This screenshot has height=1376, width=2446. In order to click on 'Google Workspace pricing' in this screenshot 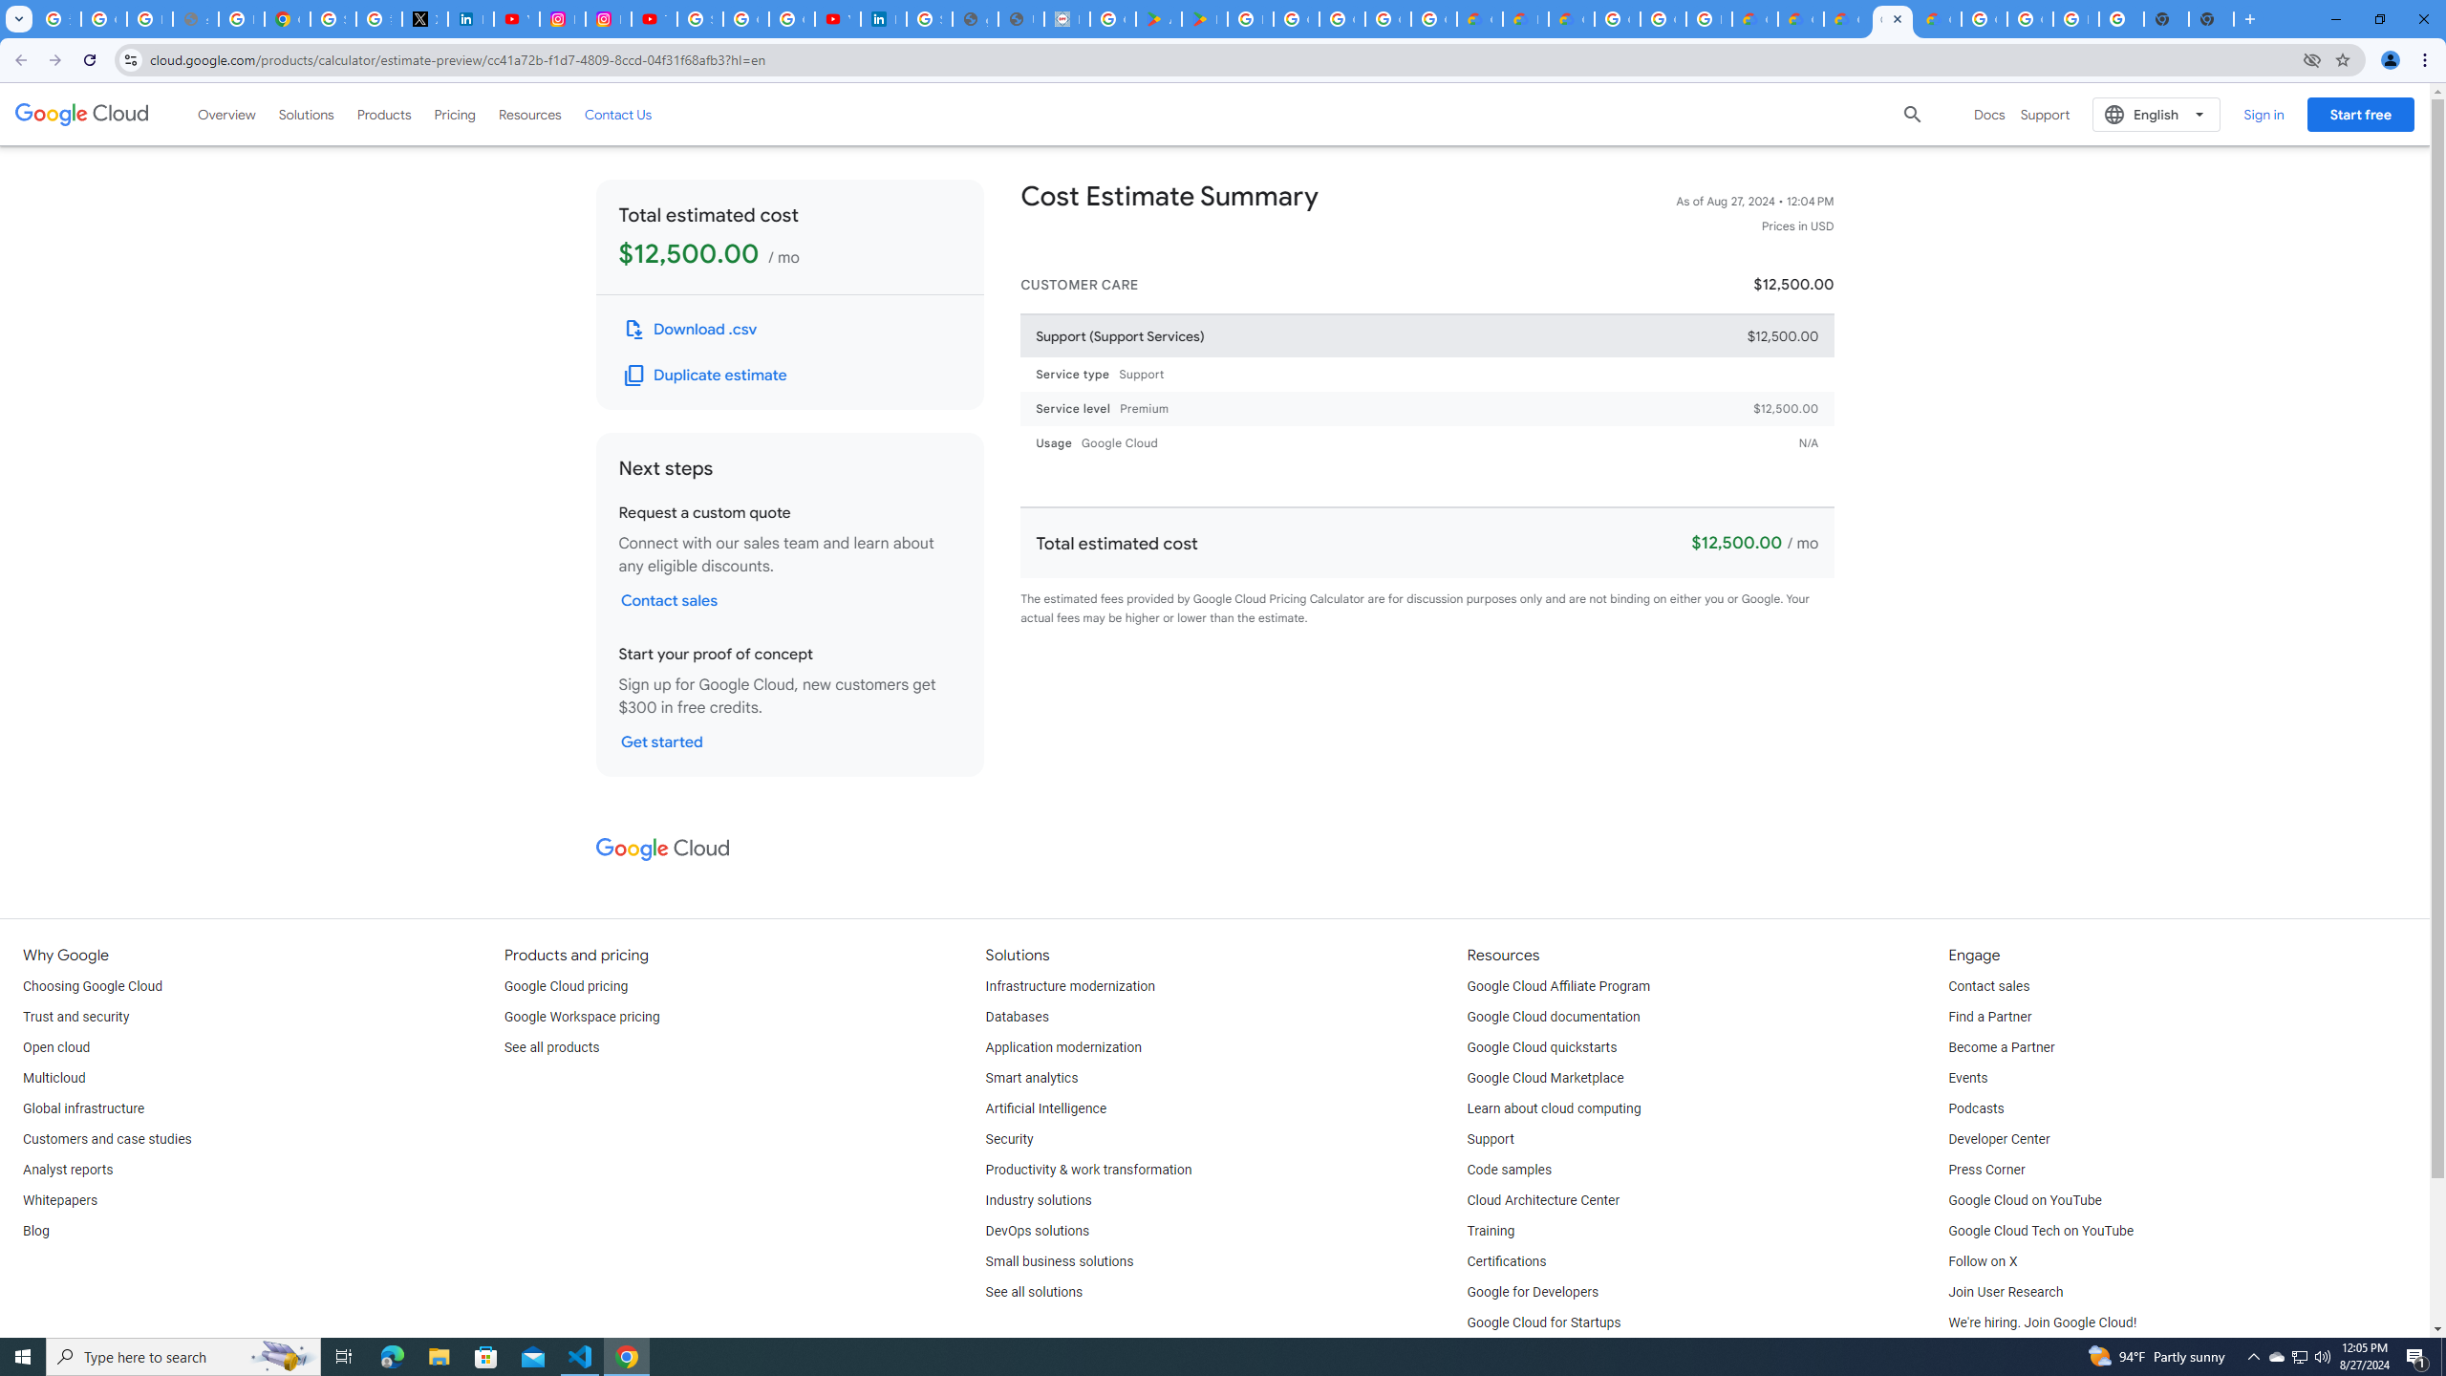, I will do `click(581, 1017)`.